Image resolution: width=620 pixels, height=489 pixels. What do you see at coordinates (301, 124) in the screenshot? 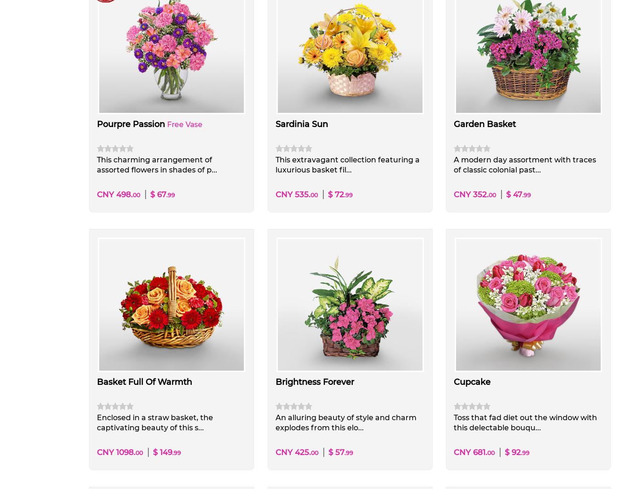
I see `'Sardinia Sun'` at bounding box center [301, 124].